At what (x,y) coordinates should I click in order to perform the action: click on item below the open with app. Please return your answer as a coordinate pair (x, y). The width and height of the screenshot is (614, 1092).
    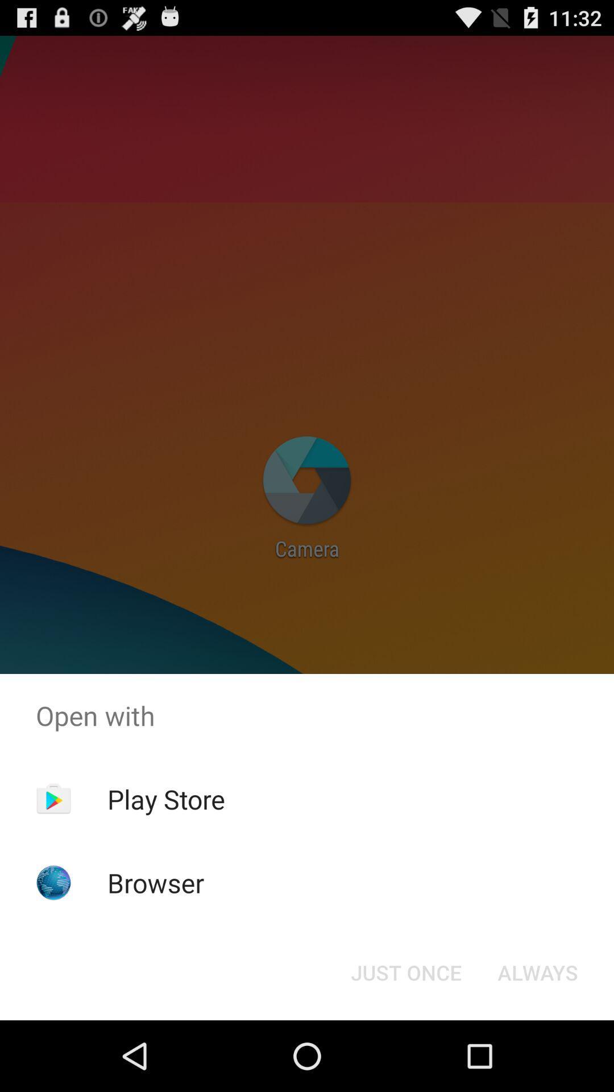
    Looking at the image, I should click on (166, 799).